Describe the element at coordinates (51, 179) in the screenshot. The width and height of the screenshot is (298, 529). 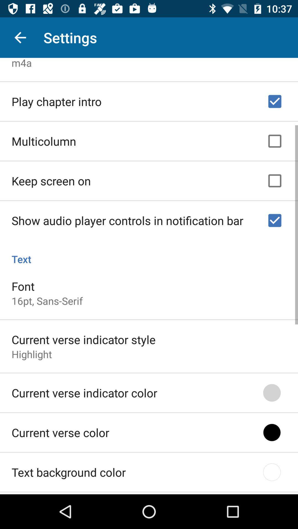
I see `the icon above the show audio player` at that location.